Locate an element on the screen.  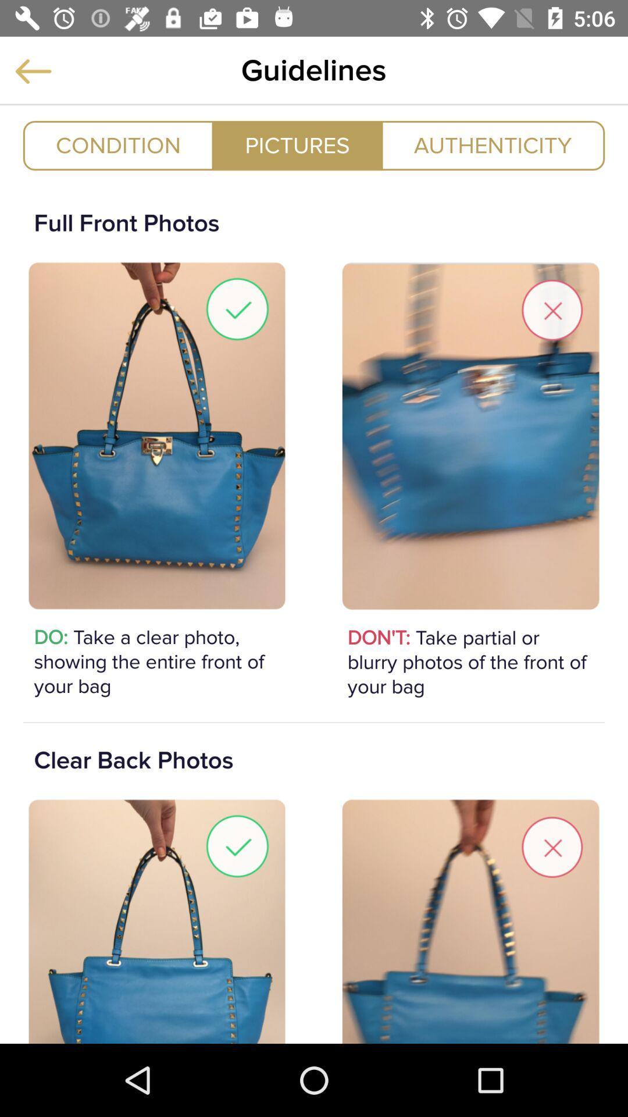
authenticity is located at coordinates (493, 145).